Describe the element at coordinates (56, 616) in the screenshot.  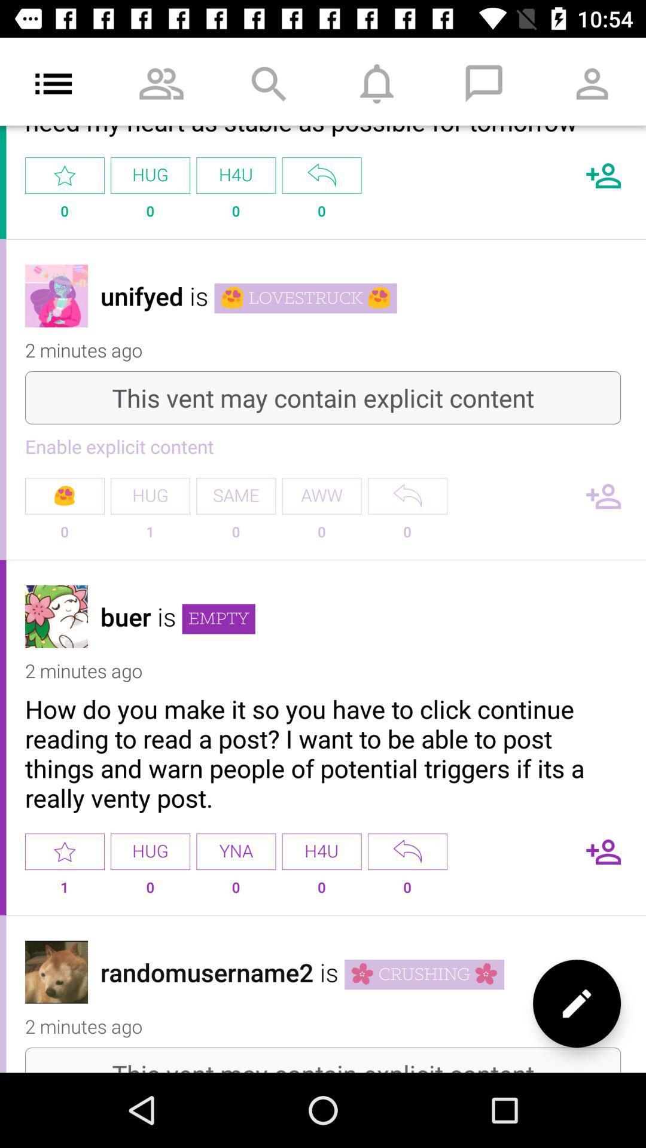
I see `user profile` at that location.